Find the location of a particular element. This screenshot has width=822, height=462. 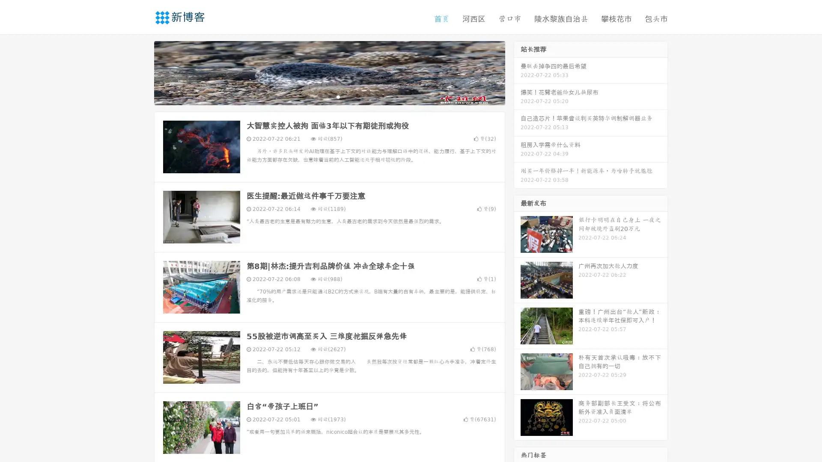

Next slide is located at coordinates (517, 72).